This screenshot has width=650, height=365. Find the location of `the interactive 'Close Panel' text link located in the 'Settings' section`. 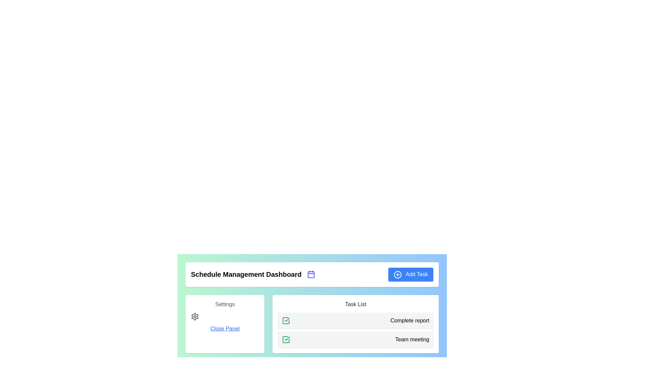

the interactive 'Close Panel' text link located in the 'Settings' section is located at coordinates (225, 328).